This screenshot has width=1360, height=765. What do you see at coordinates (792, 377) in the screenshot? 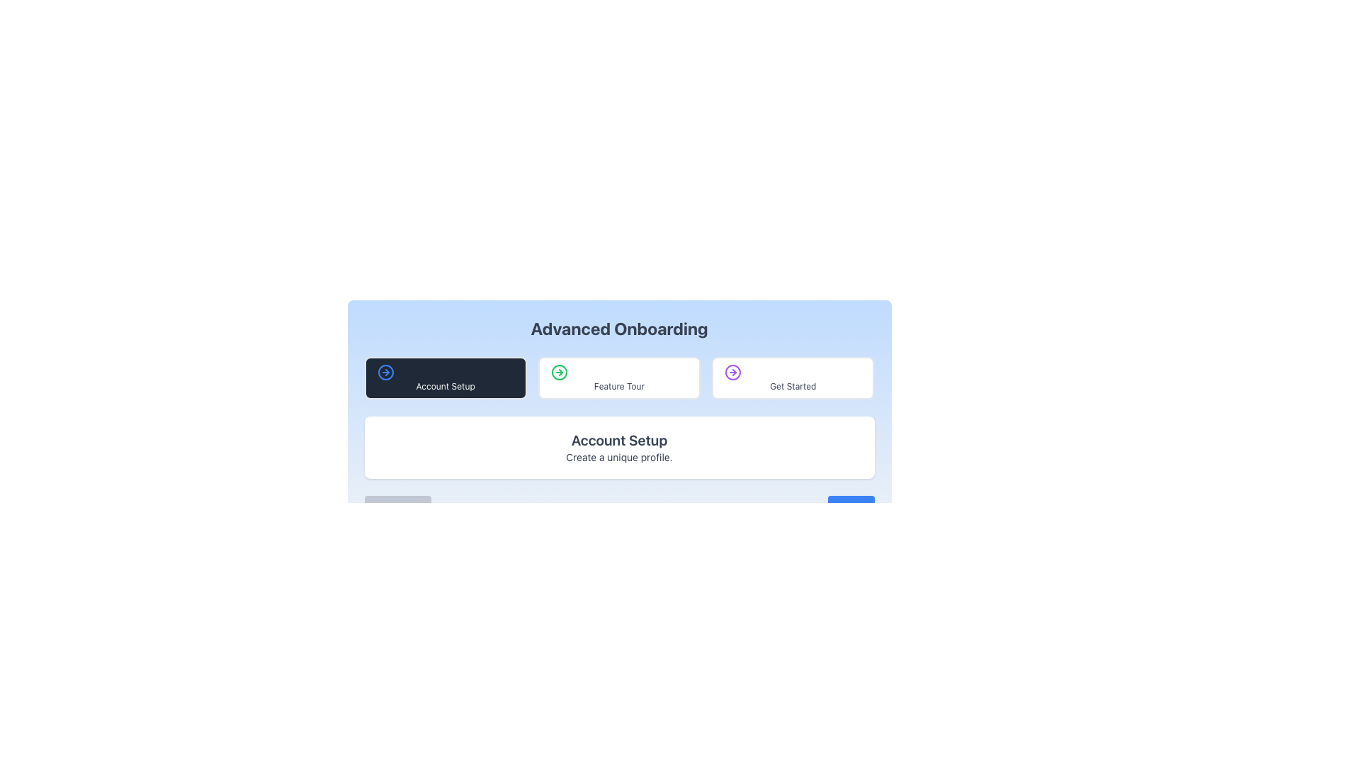
I see `the 'Get Started' button, which is a rectangular button with rounded corners, a white background, a left-aligned purple arrow icon, and centered gray text` at bounding box center [792, 377].